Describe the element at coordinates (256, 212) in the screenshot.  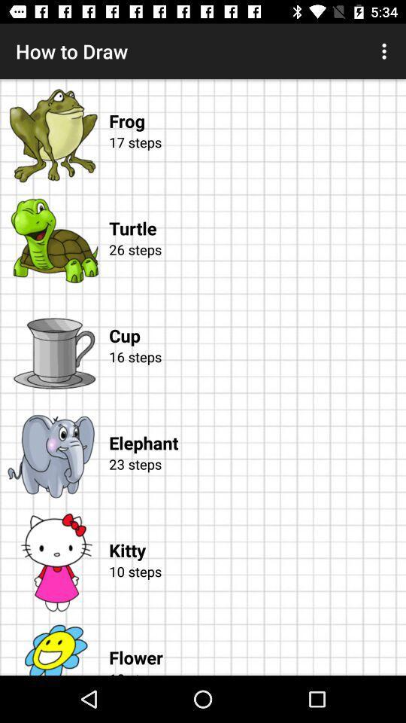
I see `the turtle icon` at that location.